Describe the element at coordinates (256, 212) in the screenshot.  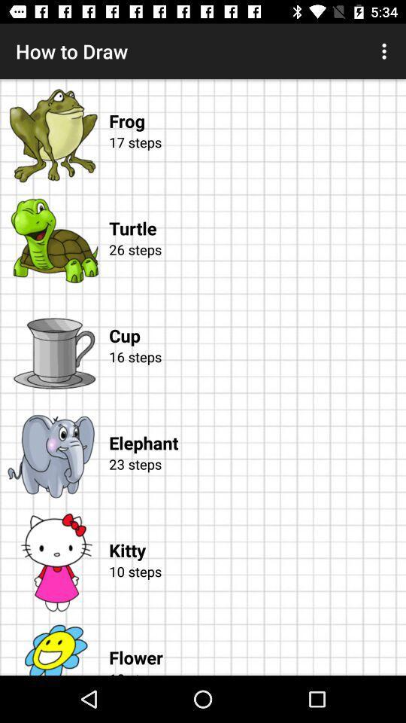
I see `the turtle icon` at that location.